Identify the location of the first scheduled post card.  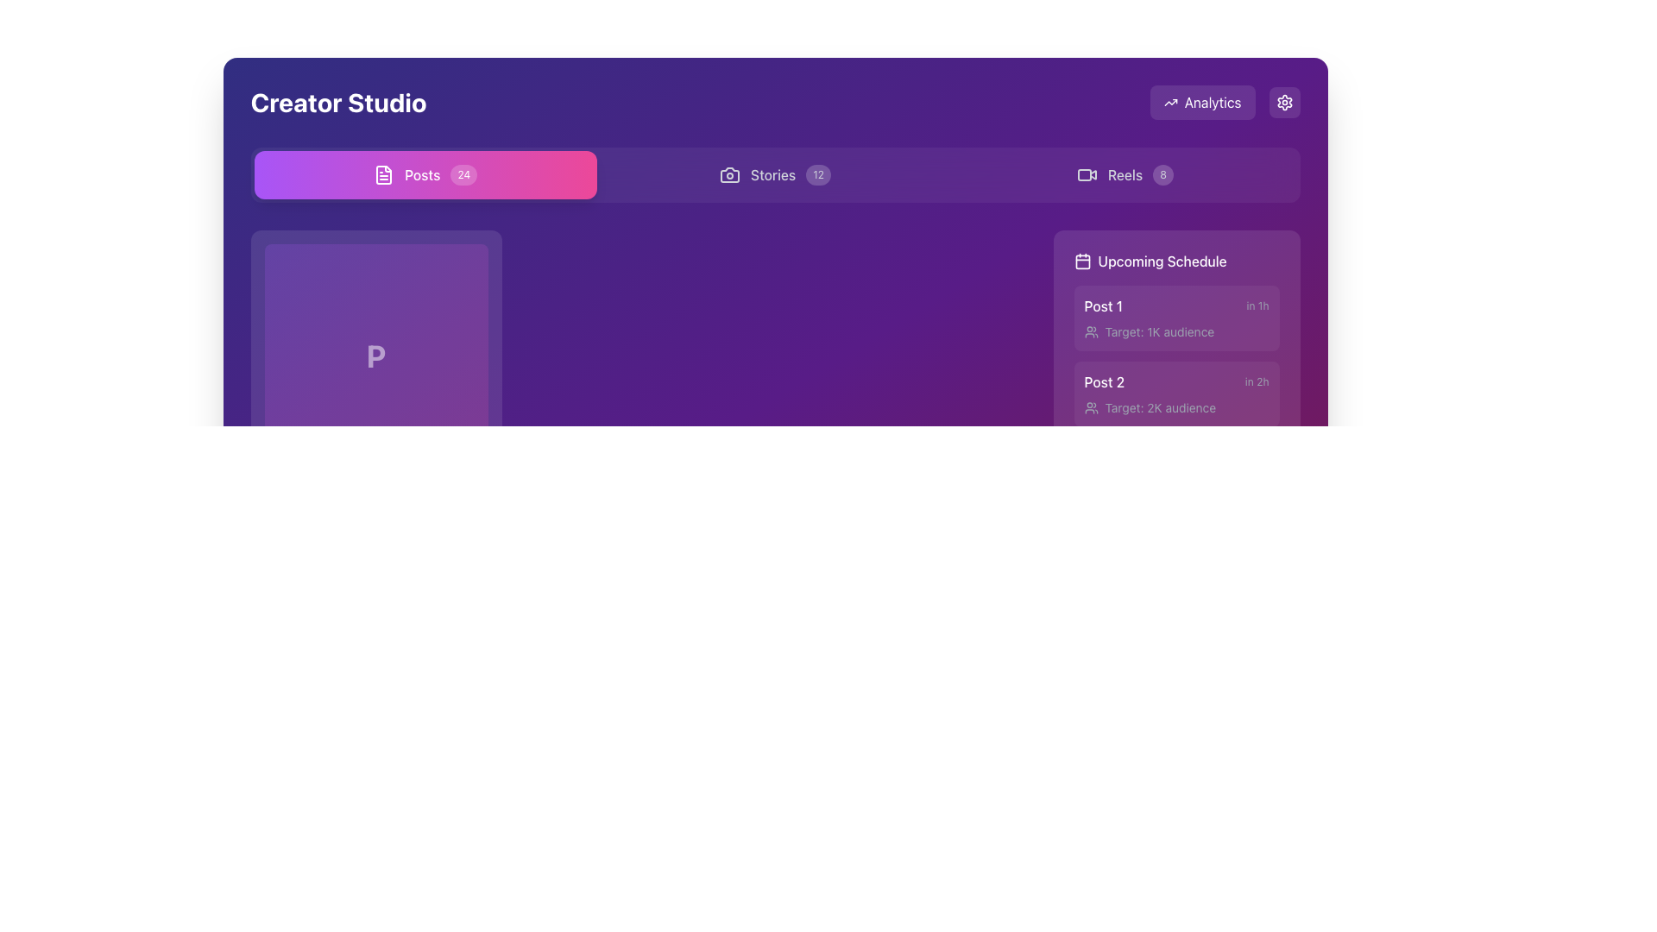
(1175, 318).